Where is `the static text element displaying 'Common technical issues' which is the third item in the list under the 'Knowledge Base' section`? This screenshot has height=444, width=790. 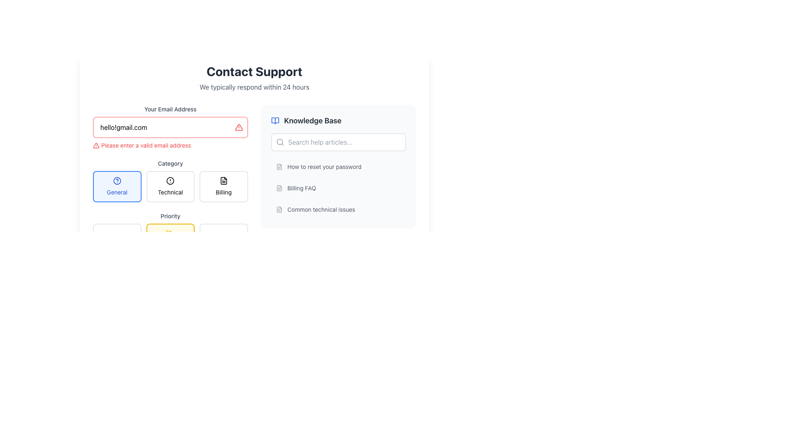 the static text element displaying 'Common technical issues' which is the third item in the list under the 'Knowledge Base' section is located at coordinates (321, 209).